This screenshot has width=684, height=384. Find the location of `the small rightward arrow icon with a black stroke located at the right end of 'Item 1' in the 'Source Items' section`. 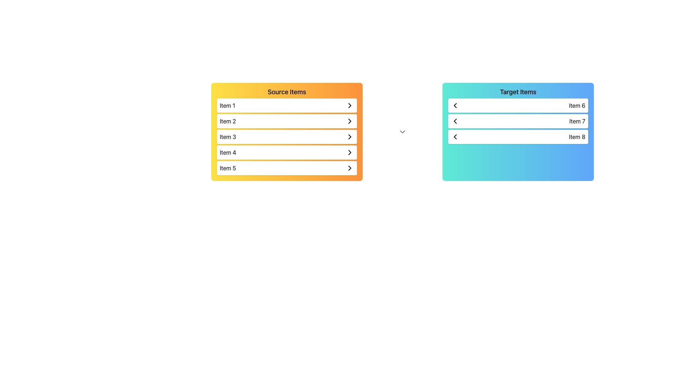

the small rightward arrow icon with a black stroke located at the right end of 'Item 1' in the 'Source Items' section is located at coordinates (349, 106).